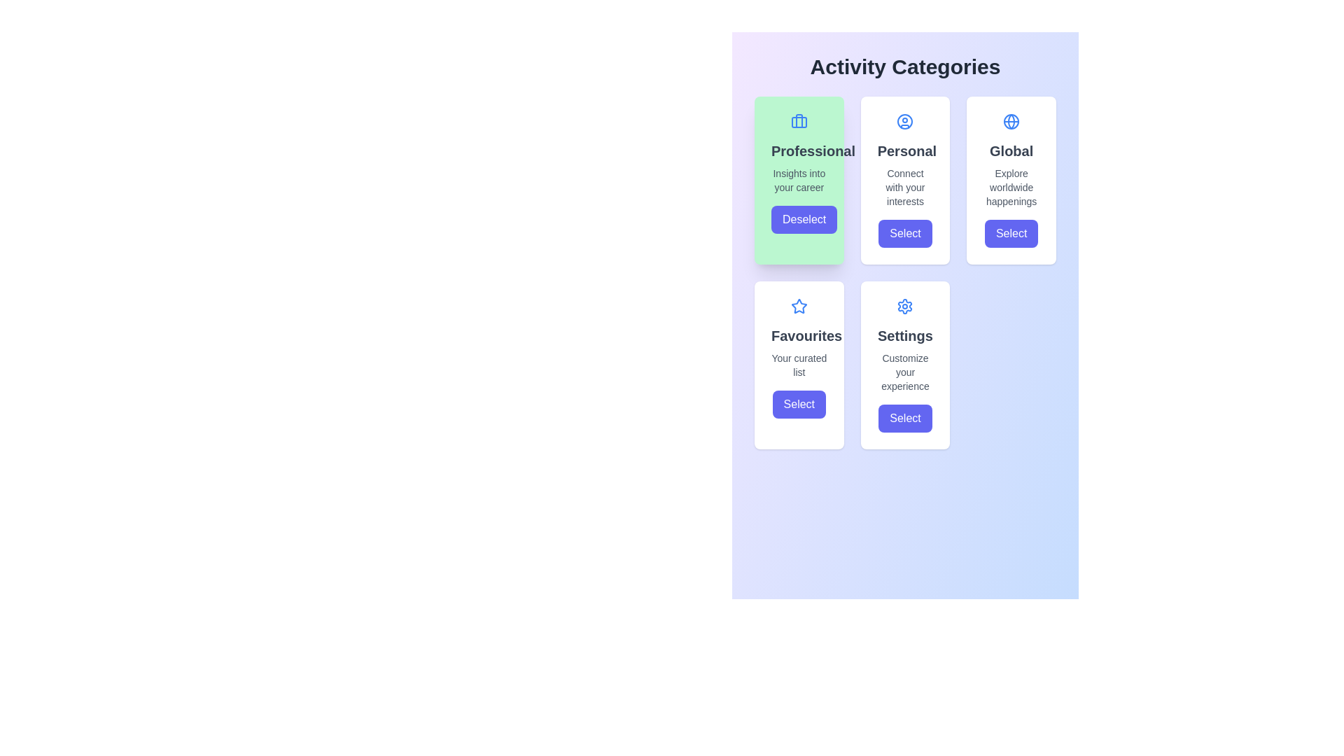 This screenshot has width=1344, height=756. What do you see at coordinates (799, 120) in the screenshot?
I see `the career-themed icon located at the top-center of the 'Professional' card in the 'Activity Categories' grid layout` at bounding box center [799, 120].